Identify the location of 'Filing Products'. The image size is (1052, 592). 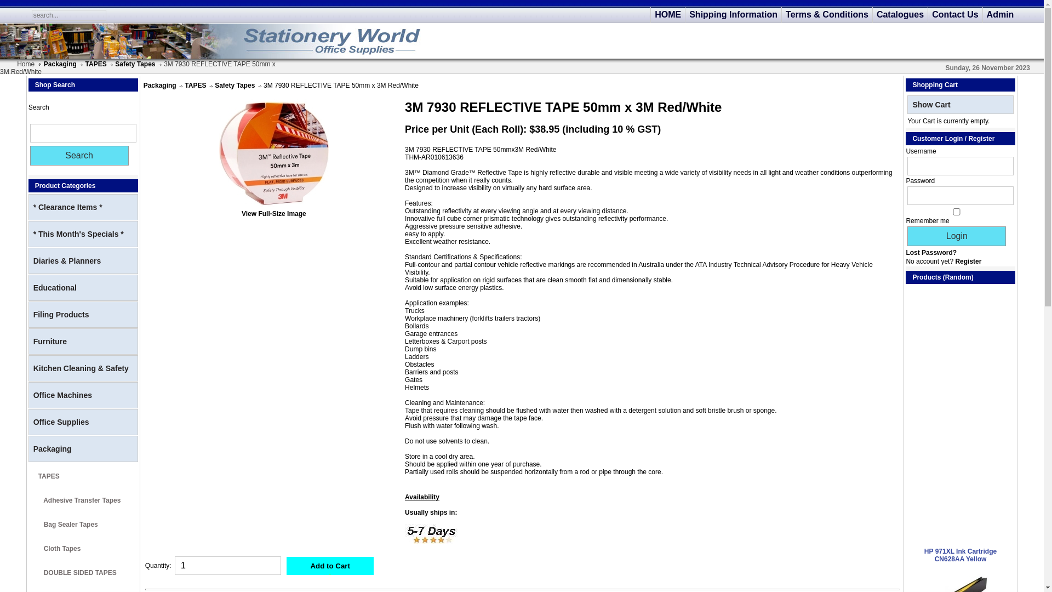
(83, 315).